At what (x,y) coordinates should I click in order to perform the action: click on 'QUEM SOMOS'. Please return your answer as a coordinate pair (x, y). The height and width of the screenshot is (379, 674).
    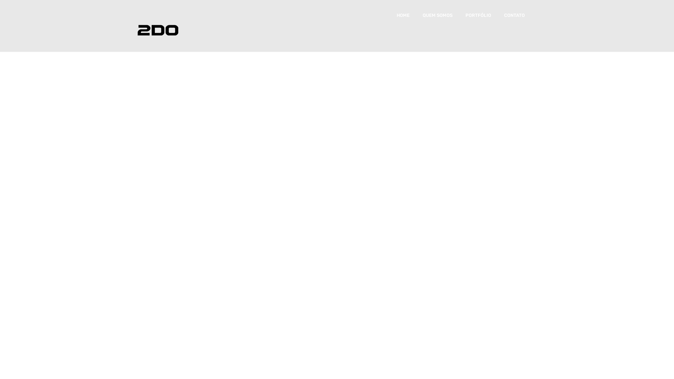
    Looking at the image, I should click on (422, 15).